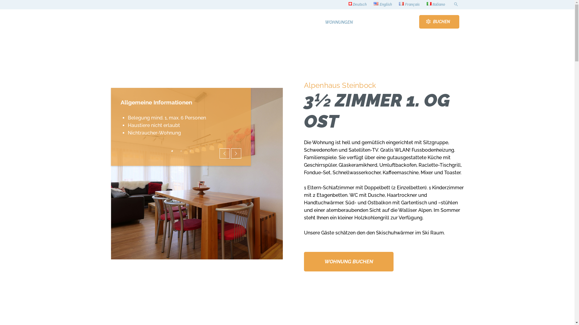  What do you see at coordinates (339, 22) in the screenshot?
I see `'WOHNUNGEN'` at bounding box center [339, 22].